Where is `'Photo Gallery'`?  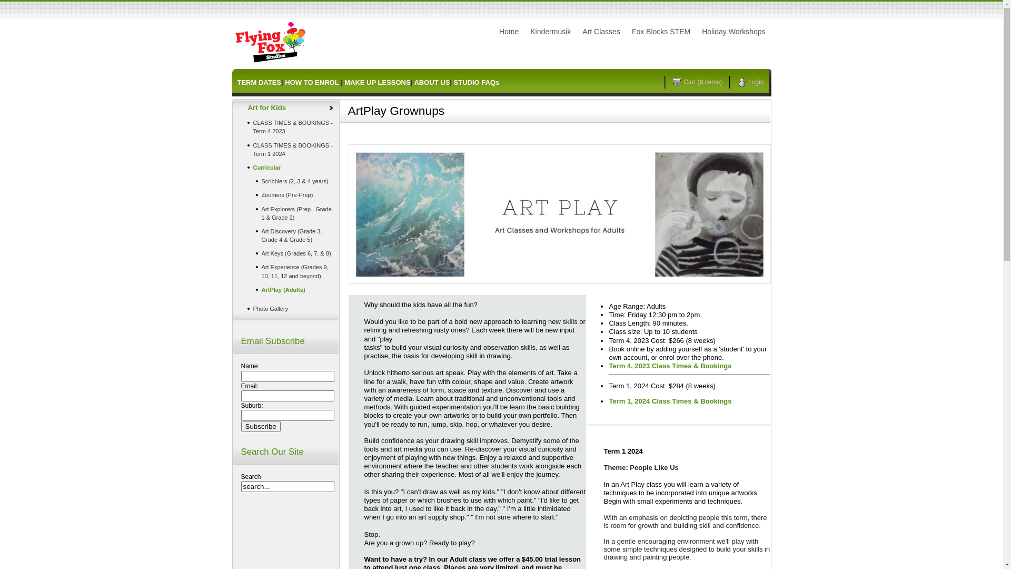 'Photo Gallery' is located at coordinates (285, 308).